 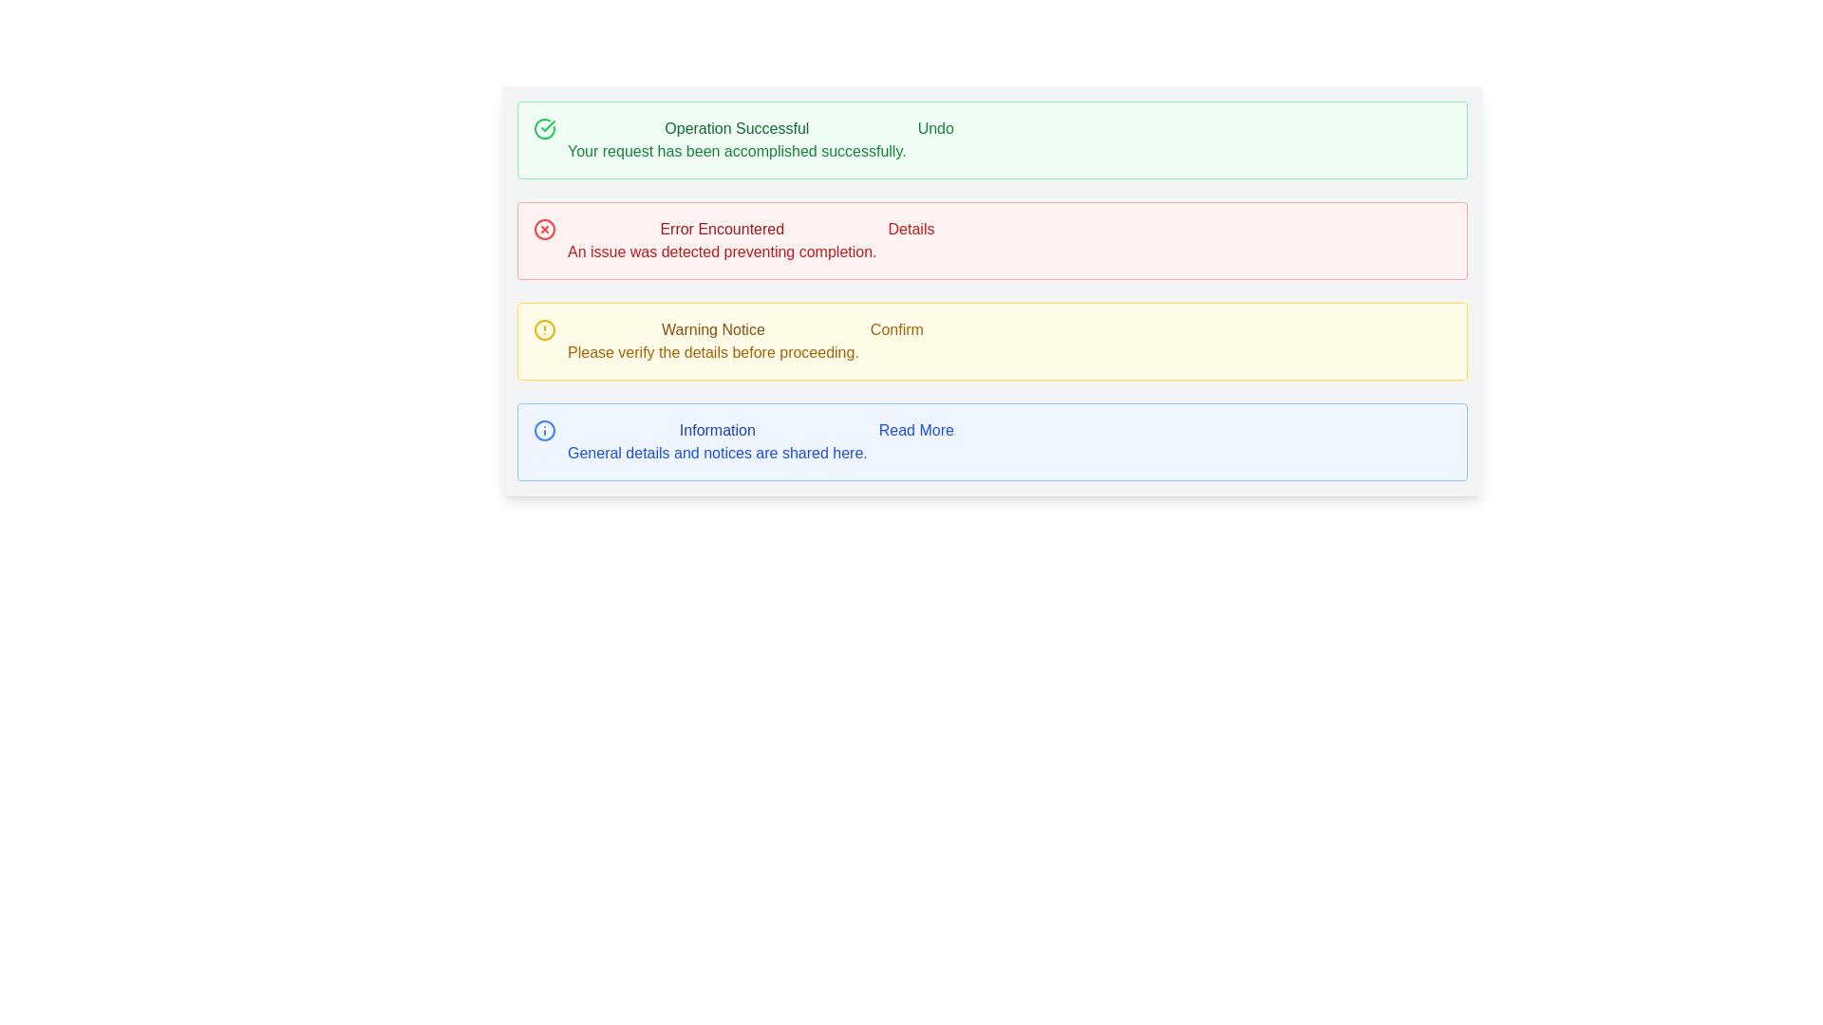 What do you see at coordinates (911, 229) in the screenshot?
I see `the hyperlink styled as a text label located within the red 'Error Encountered' notification box` at bounding box center [911, 229].